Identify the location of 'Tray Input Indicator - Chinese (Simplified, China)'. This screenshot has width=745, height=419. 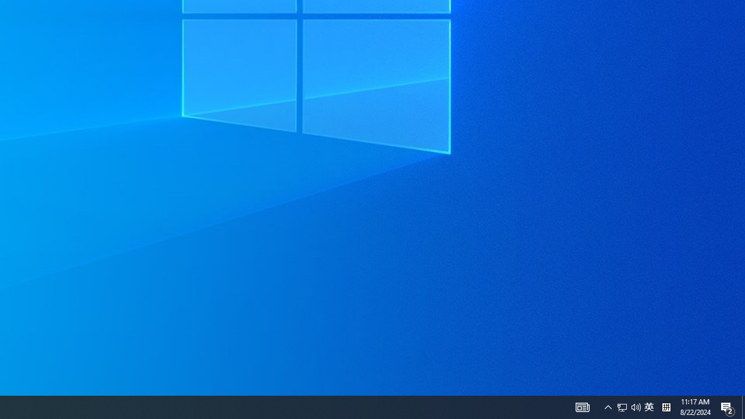
(666, 406).